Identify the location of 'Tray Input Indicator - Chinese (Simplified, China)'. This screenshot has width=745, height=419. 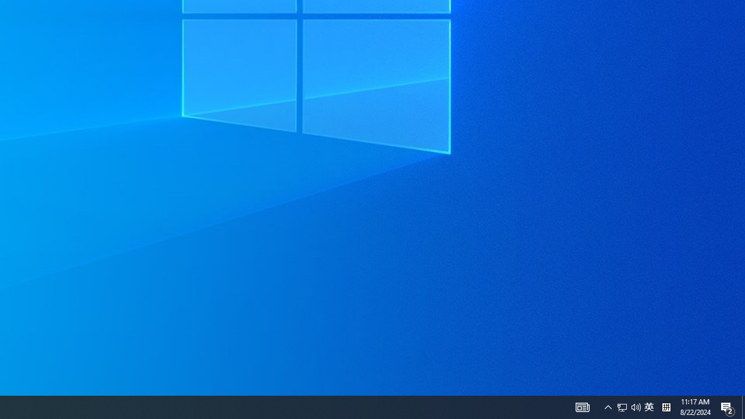
(666, 406).